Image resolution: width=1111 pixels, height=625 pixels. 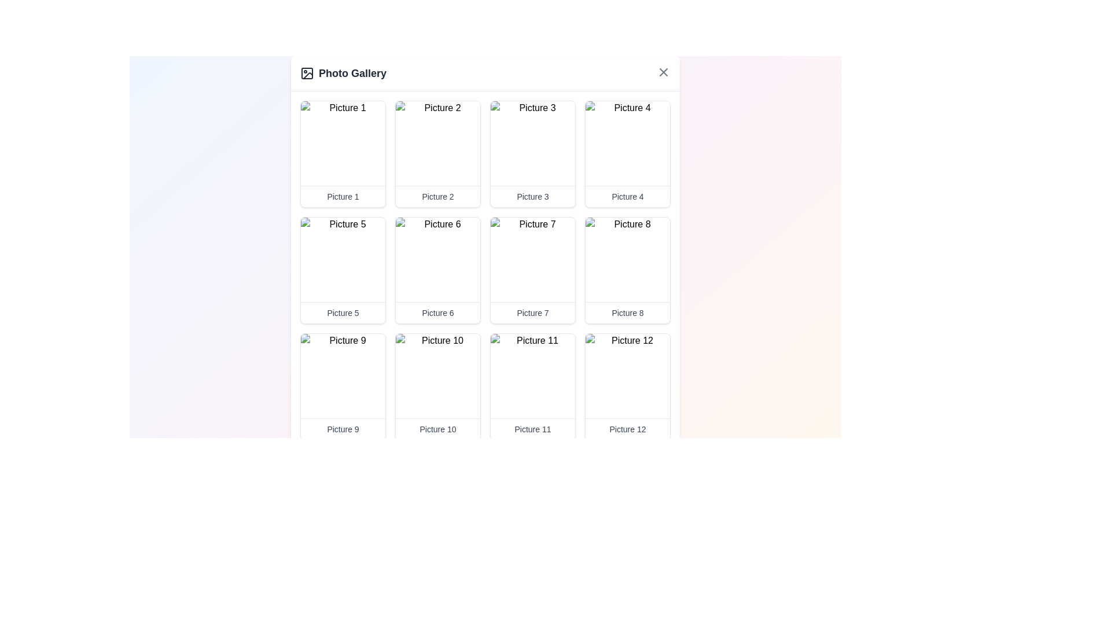 What do you see at coordinates (664, 72) in the screenshot?
I see `the close button located at the top-right corner of the dialog` at bounding box center [664, 72].